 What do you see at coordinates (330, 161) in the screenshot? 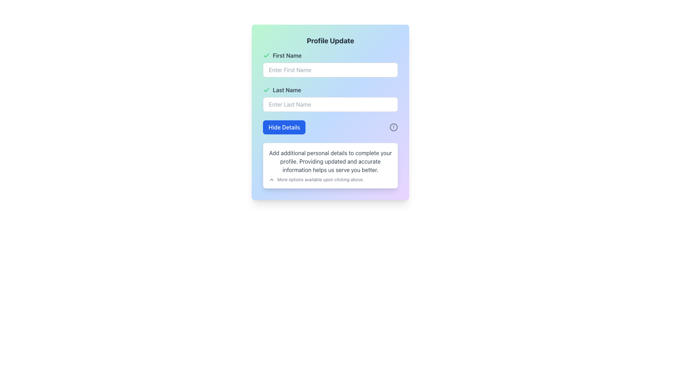
I see `the static informational text element that advises users to add additional personal details to complete their profile, which is styled in gray font and located in the lower half of the card layout` at bounding box center [330, 161].